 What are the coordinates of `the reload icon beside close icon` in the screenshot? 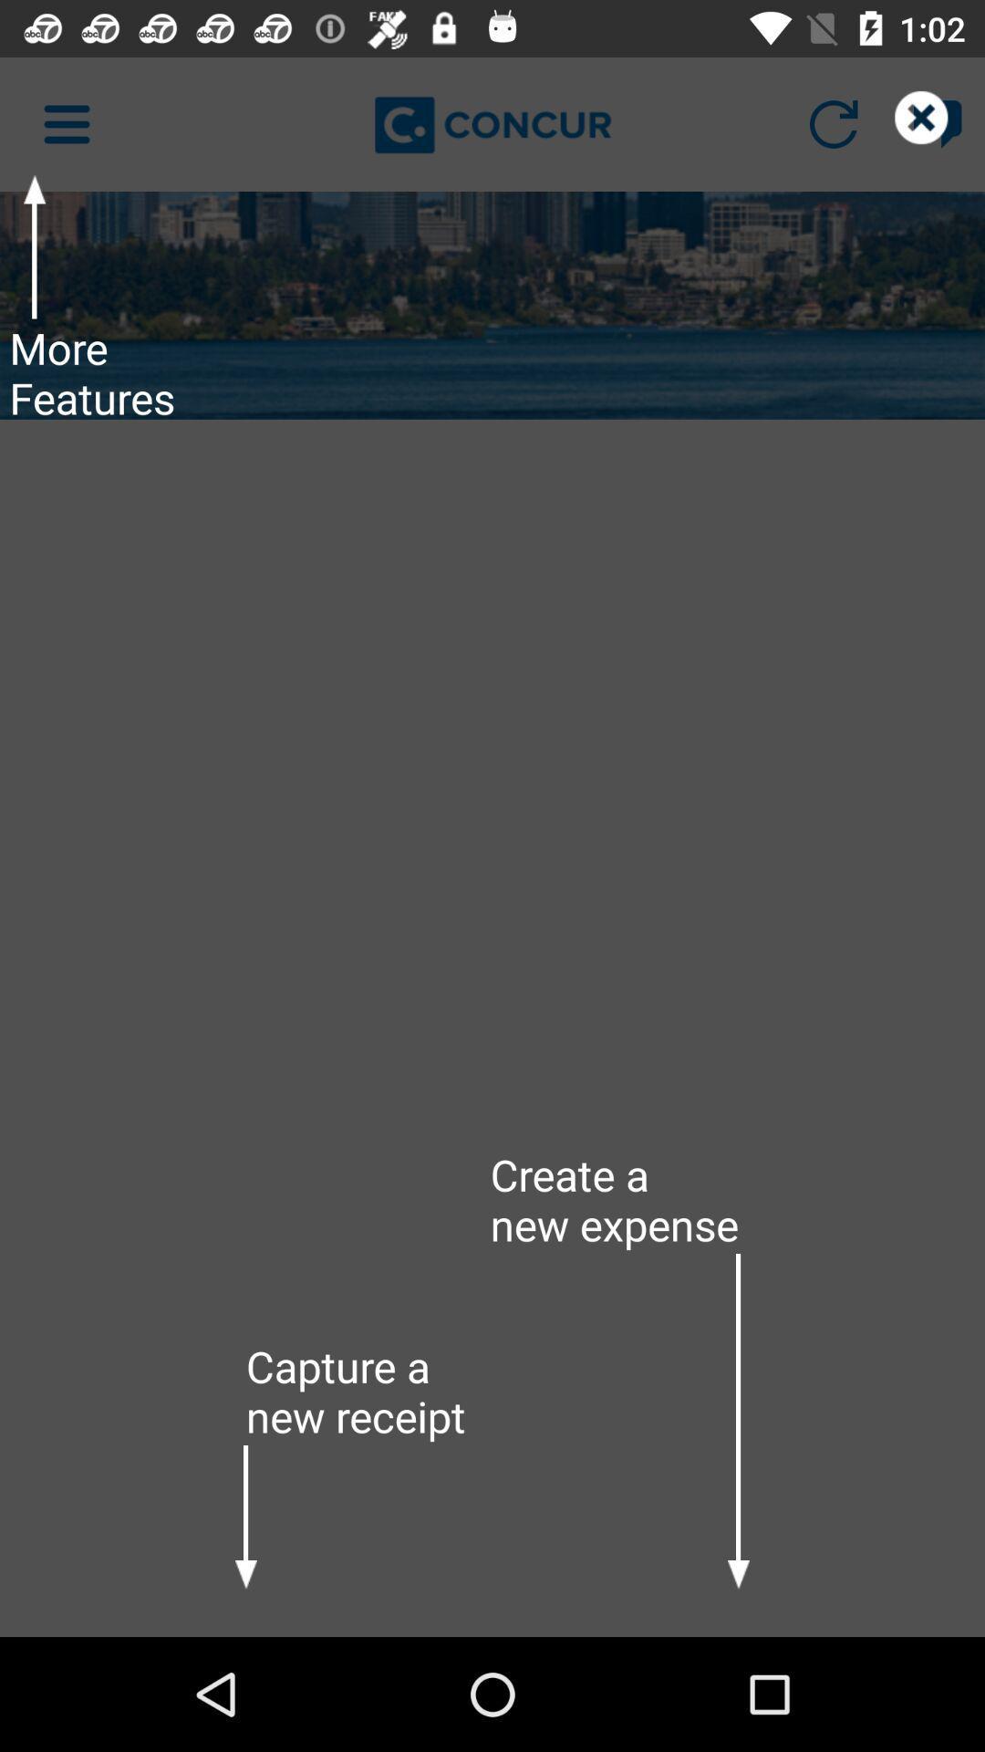 It's located at (834, 124).